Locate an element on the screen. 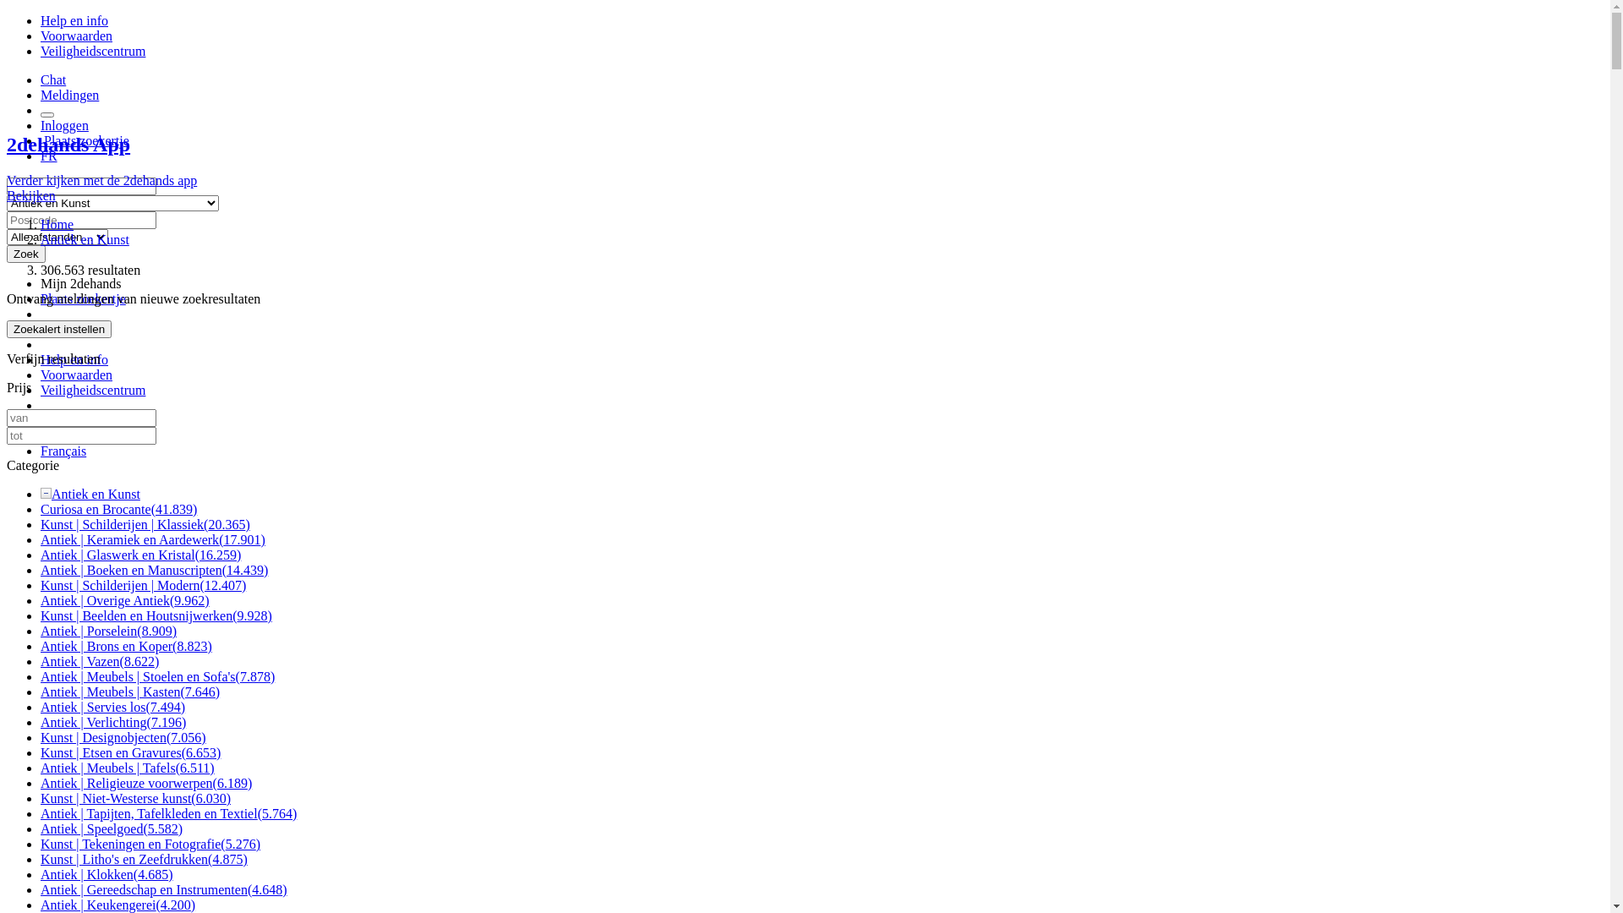 The height and width of the screenshot is (913, 1623). 'Antiek | Brons en Koper(8.823)' is located at coordinates (125, 646).